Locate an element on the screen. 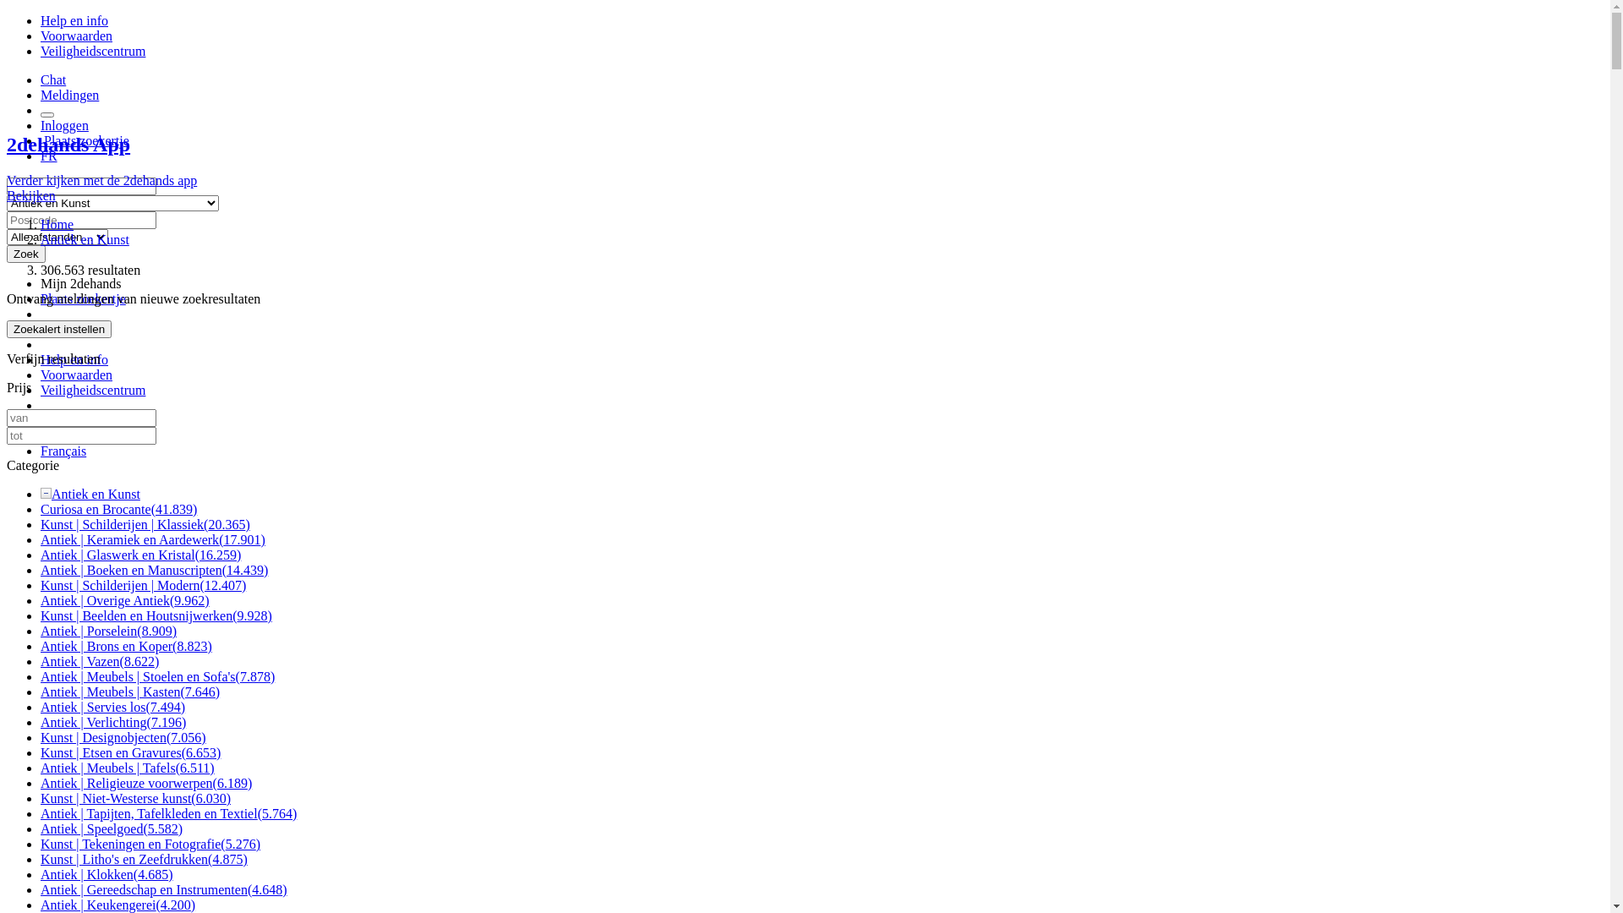 The height and width of the screenshot is (913, 1623). 'Antiek | Brons en Koper(8.823)' is located at coordinates (125, 646).